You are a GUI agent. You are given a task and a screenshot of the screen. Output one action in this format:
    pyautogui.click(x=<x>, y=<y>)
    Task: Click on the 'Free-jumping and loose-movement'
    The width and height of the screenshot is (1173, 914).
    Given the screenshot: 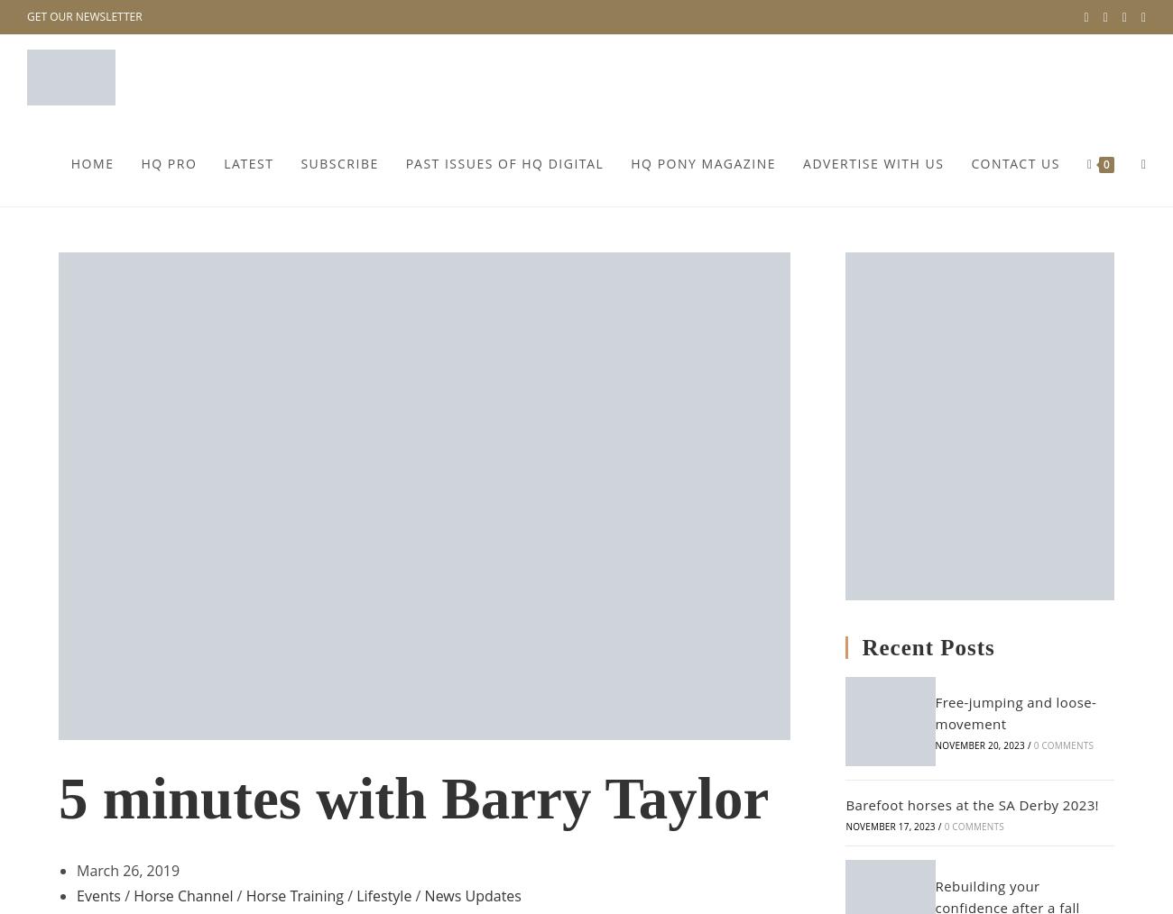 What is the action you would take?
    pyautogui.click(x=1014, y=713)
    